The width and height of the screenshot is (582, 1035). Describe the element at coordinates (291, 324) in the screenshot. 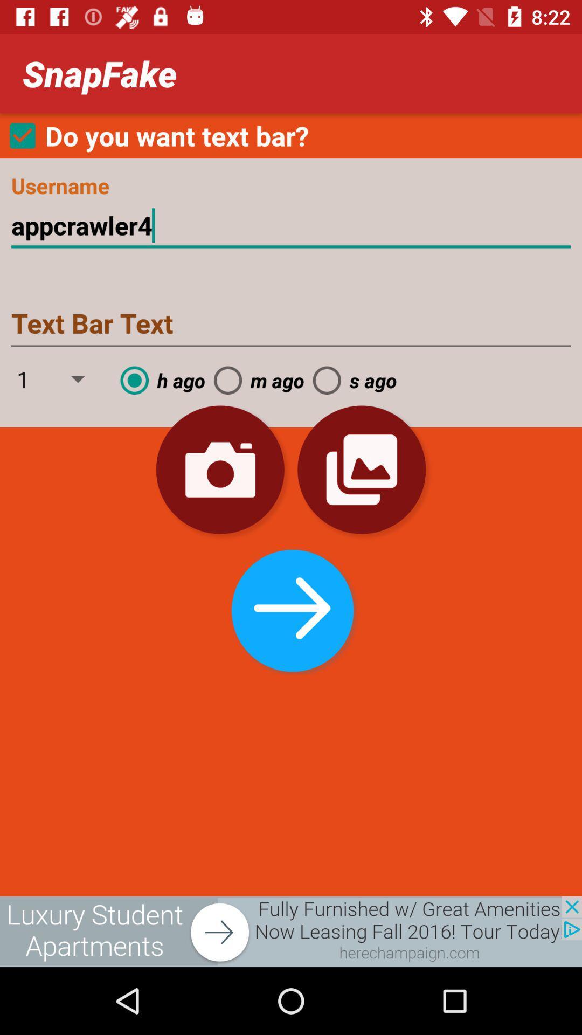

I see `text box` at that location.